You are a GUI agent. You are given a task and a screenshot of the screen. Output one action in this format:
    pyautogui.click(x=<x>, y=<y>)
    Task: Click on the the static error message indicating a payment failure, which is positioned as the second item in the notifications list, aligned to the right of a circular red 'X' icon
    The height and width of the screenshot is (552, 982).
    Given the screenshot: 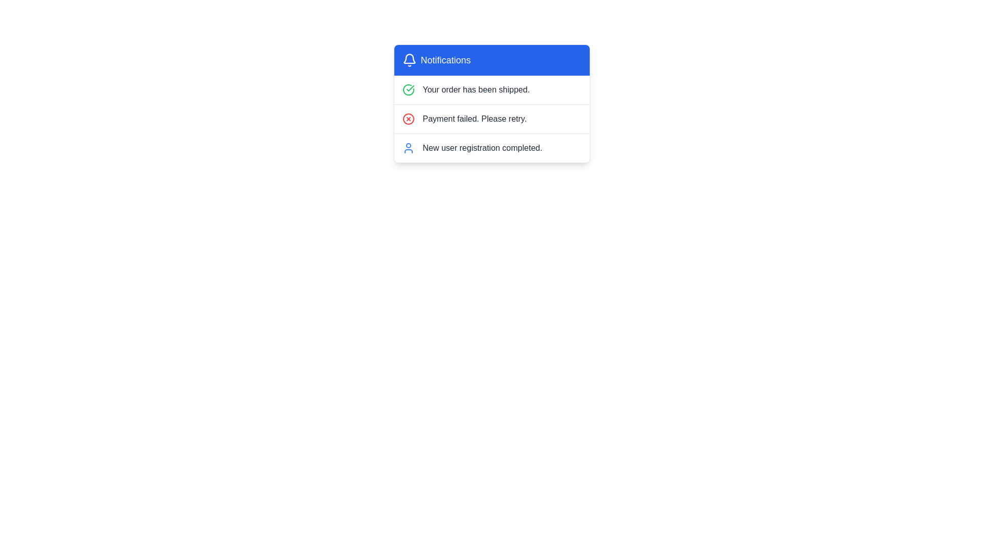 What is the action you would take?
    pyautogui.click(x=474, y=118)
    